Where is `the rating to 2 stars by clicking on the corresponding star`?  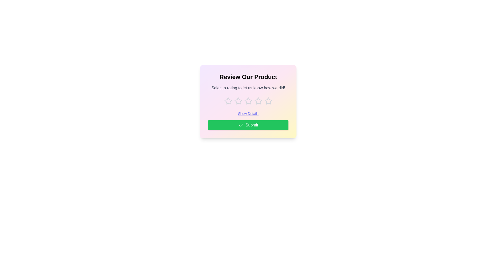
the rating to 2 stars by clicking on the corresponding star is located at coordinates (238, 101).